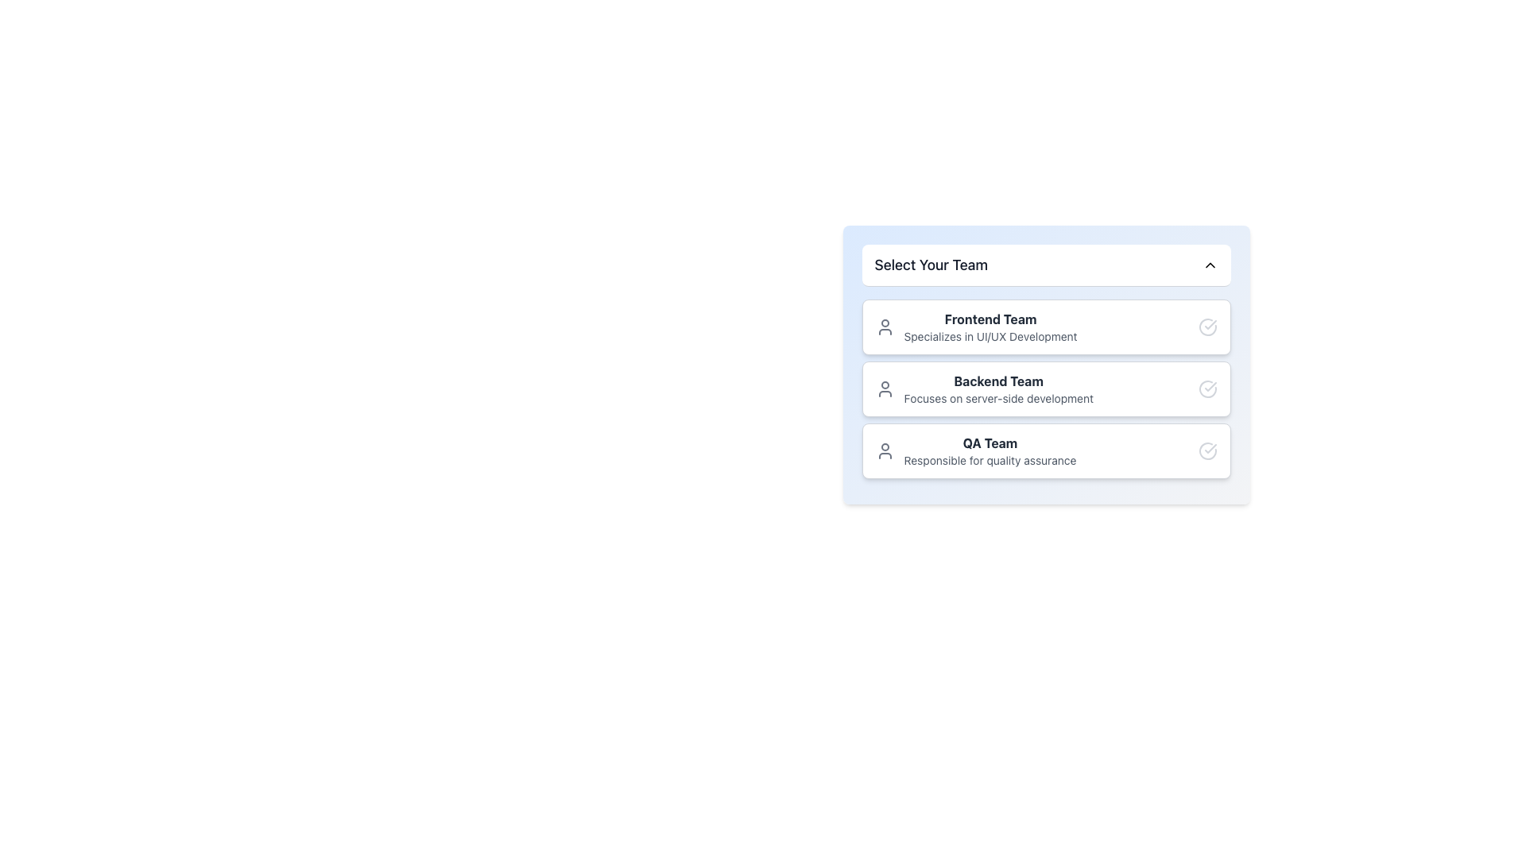 This screenshot has height=858, width=1526. Describe the element at coordinates (884, 327) in the screenshot. I see `the user profile silhouette SVG icon located on the leftmost side of the row containing the text 'Frontend Team'` at that location.